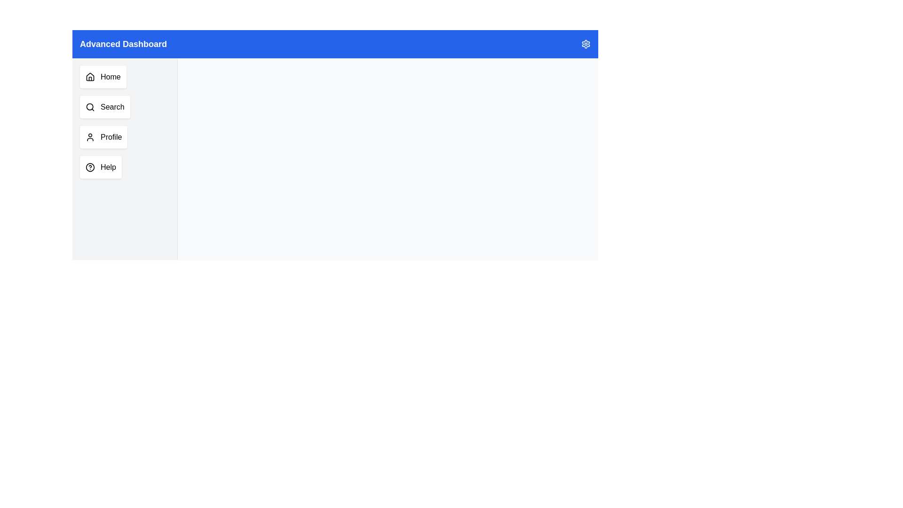 Image resolution: width=903 pixels, height=508 pixels. Describe the element at coordinates (90, 167) in the screenshot. I see `the SVG circle that is part of the Help icon in the left navigation menu, specifically located as the fourth item below the Profile section` at that location.